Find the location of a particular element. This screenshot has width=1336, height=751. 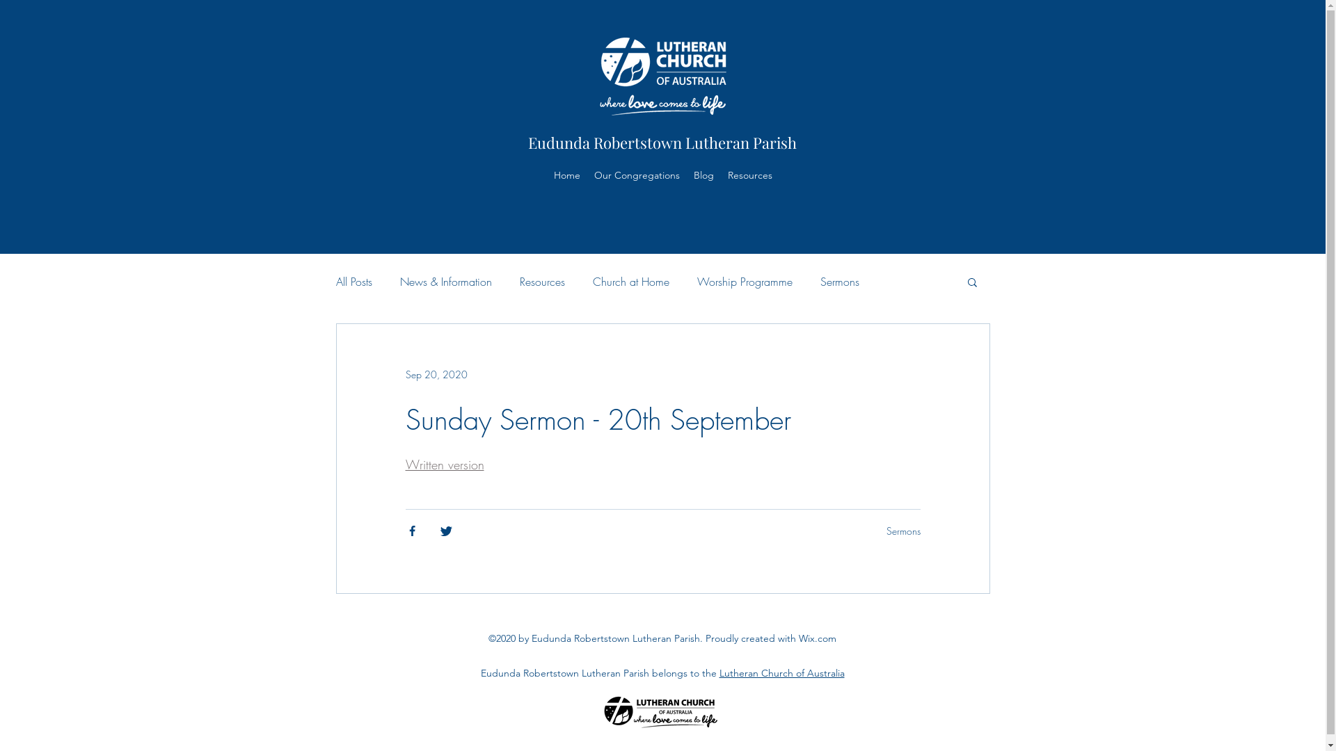

'Church at Home' is located at coordinates (630, 282).